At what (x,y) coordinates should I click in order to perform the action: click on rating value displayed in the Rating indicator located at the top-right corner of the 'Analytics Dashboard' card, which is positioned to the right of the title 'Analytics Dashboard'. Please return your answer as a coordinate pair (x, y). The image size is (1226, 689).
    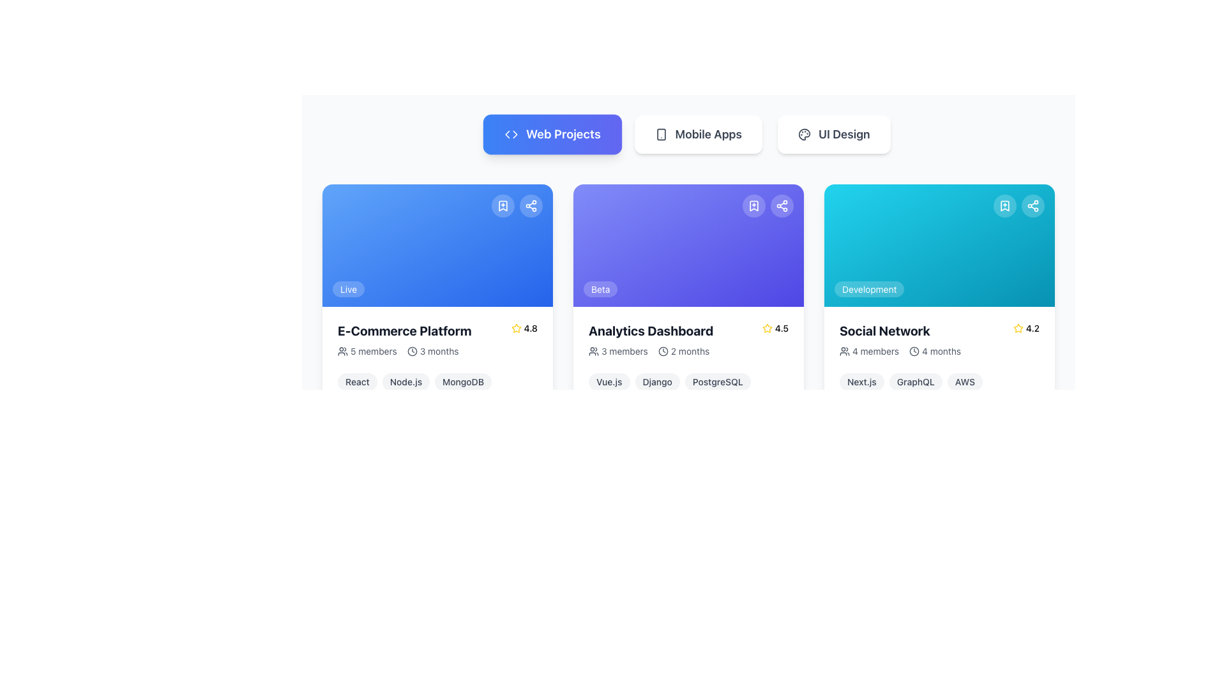
    Looking at the image, I should click on (775, 328).